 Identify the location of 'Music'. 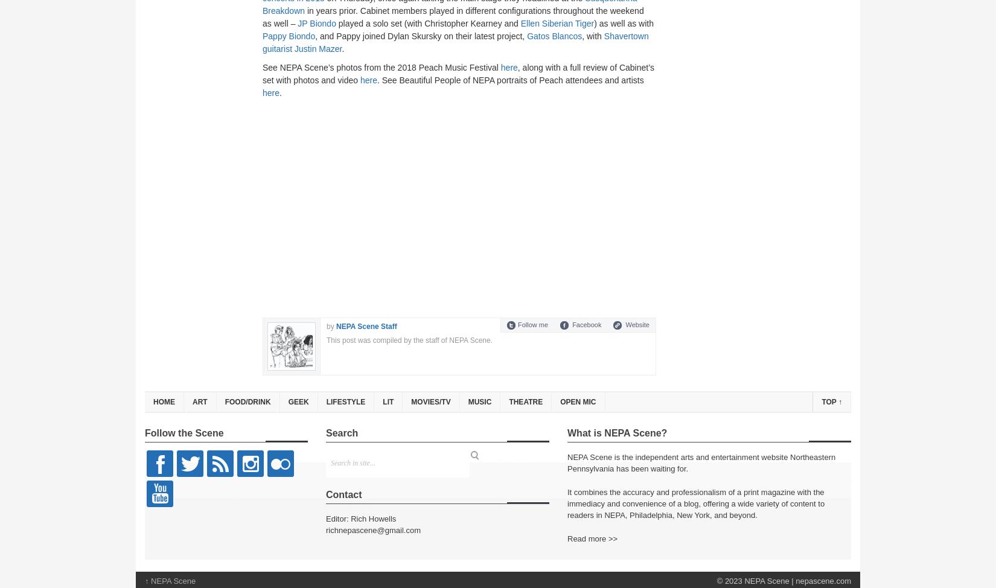
(479, 402).